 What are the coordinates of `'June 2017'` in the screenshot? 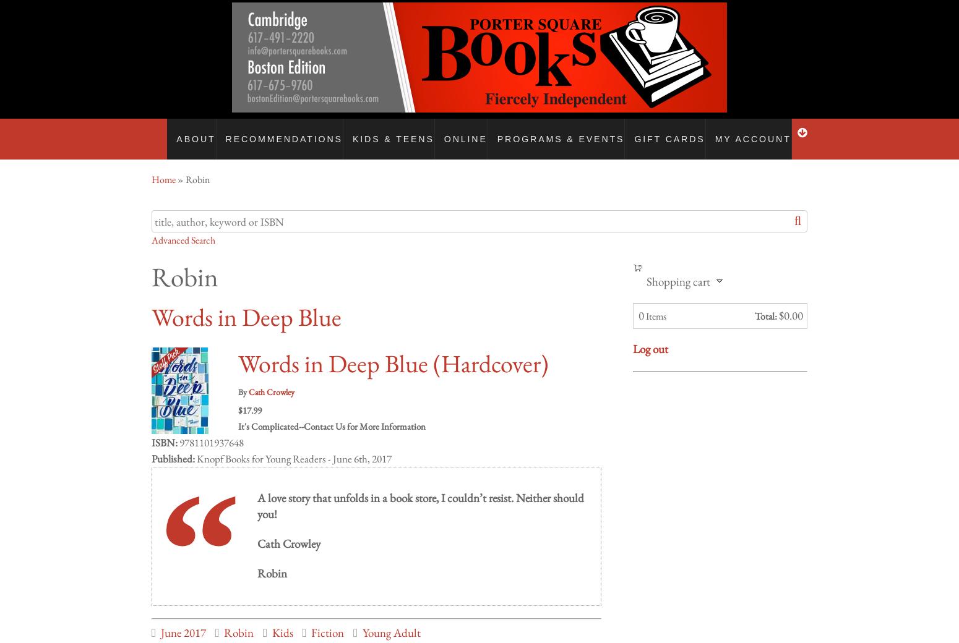 It's located at (183, 620).